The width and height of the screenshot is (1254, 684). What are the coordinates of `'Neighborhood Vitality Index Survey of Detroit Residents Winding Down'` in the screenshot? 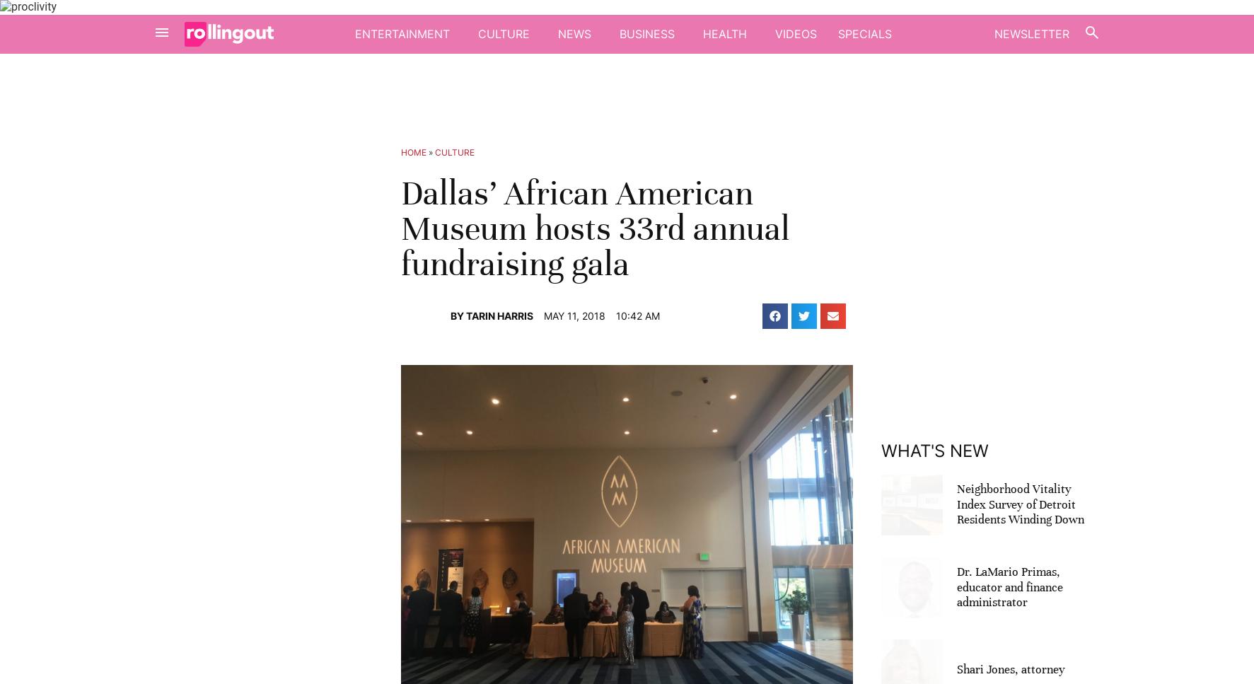 It's located at (1020, 503).